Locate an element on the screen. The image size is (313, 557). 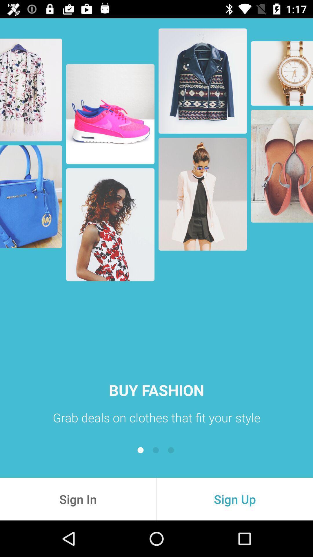
the sign up is located at coordinates (235, 499).